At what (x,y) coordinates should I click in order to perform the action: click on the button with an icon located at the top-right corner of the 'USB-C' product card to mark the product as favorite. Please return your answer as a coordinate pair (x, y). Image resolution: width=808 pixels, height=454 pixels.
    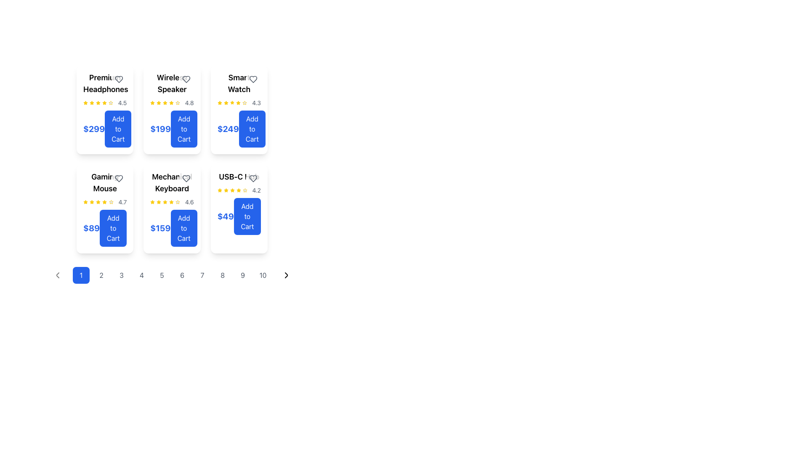
    Looking at the image, I should click on (252, 178).